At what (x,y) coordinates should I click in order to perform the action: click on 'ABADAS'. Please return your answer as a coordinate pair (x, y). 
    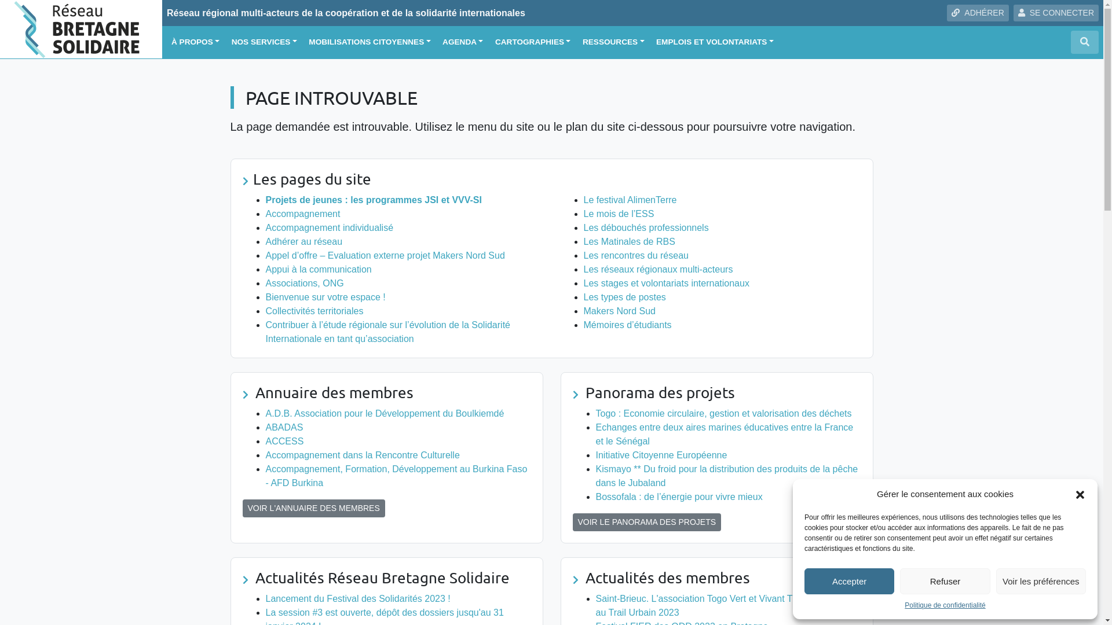
    Looking at the image, I should click on (284, 427).